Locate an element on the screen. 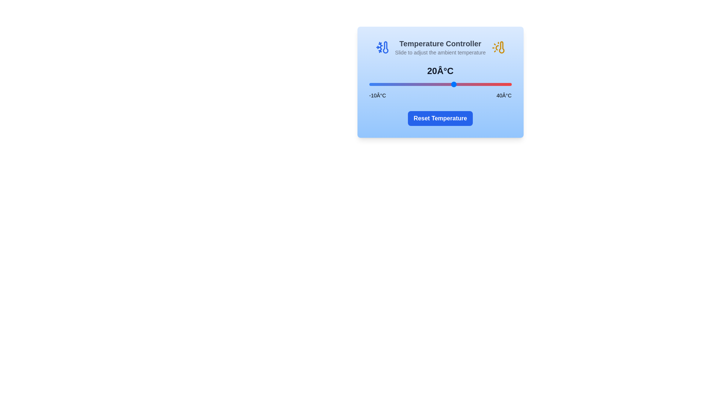 This screenshot has width=712, height=400. the blue bulb-shaped element of the thermometer icon located in the header of the 'Temperature Controller' card is located at coordinates (386, 47).